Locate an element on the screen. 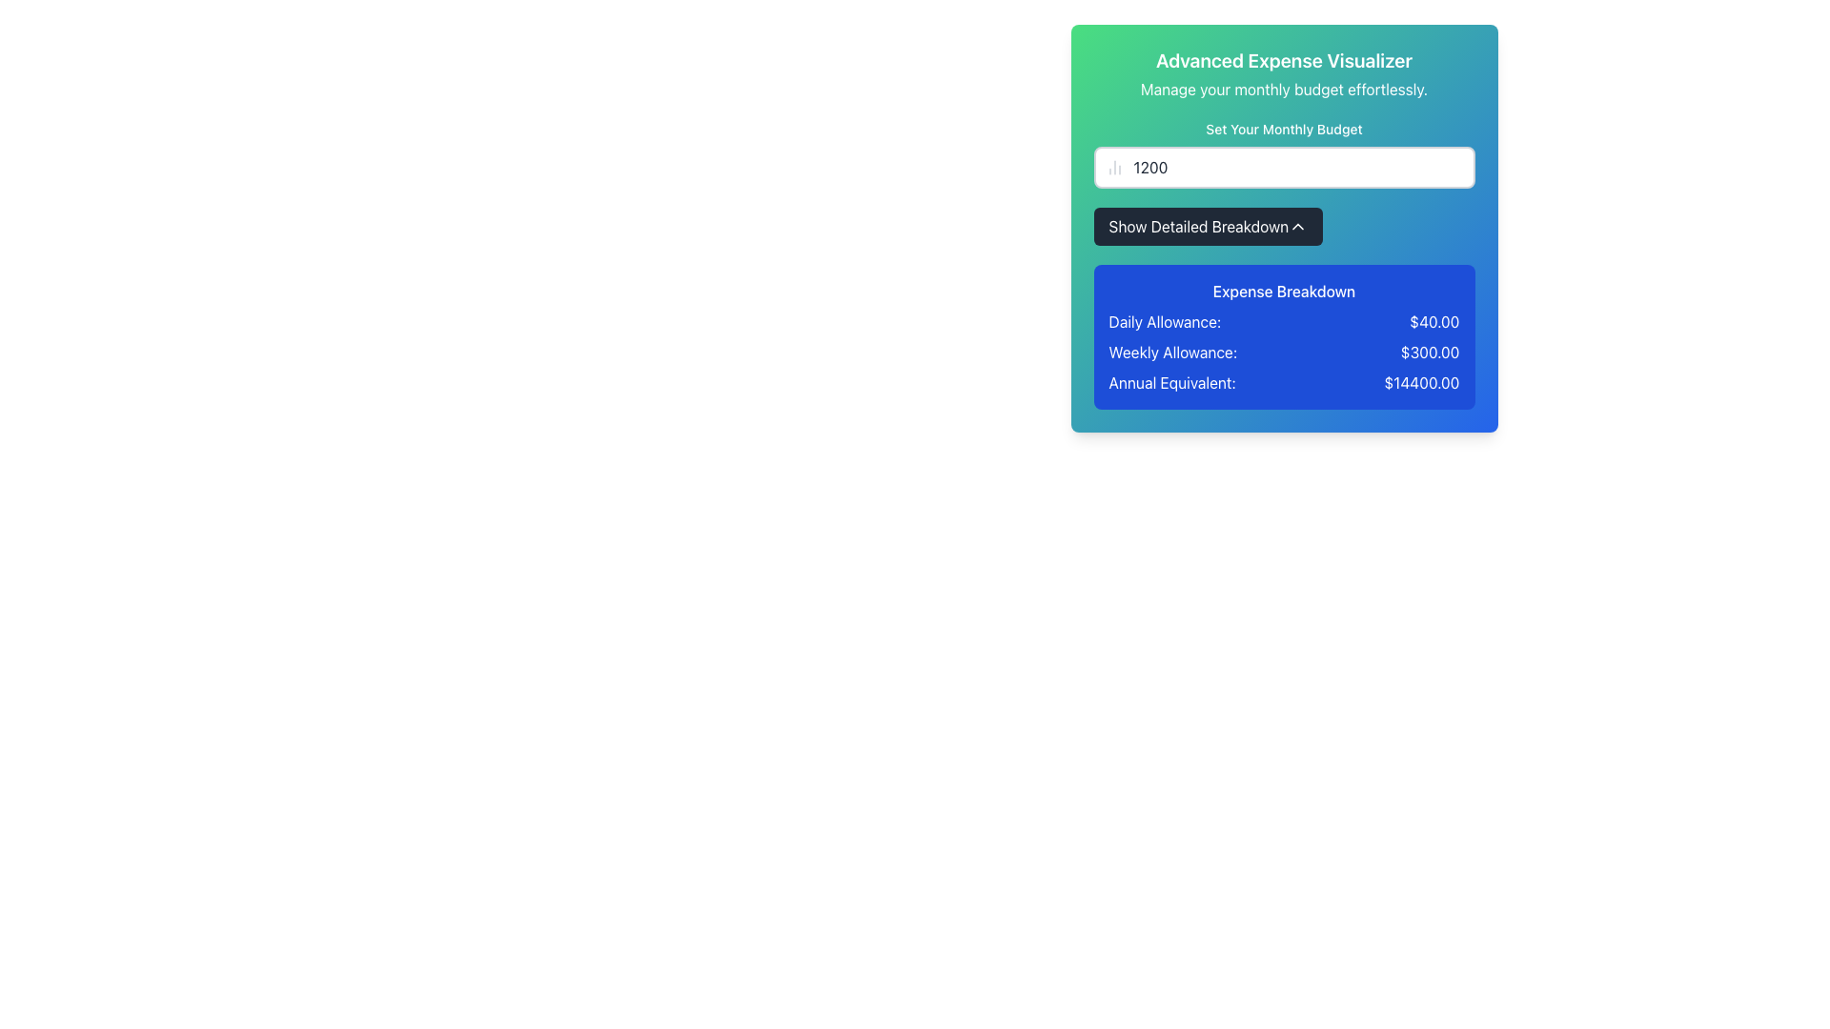  the Label displaying 'Set Your Monthly Budget', which is styled in a block format and located between the text 'Manage your monthly budget effortlessly.' and the button 'Show Detailed Breakdown' is located at coordinates (1284, 153).